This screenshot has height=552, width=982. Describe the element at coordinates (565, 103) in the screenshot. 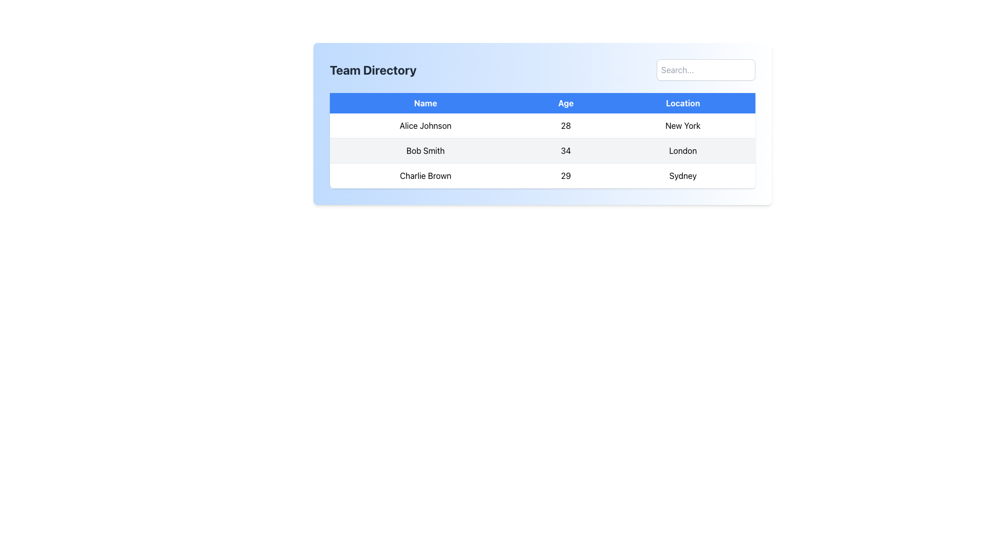

I see `the table header cell labeled 'Age', which is styled with bold, white text on a blue background and is the second column in the header row of the table` at that location.